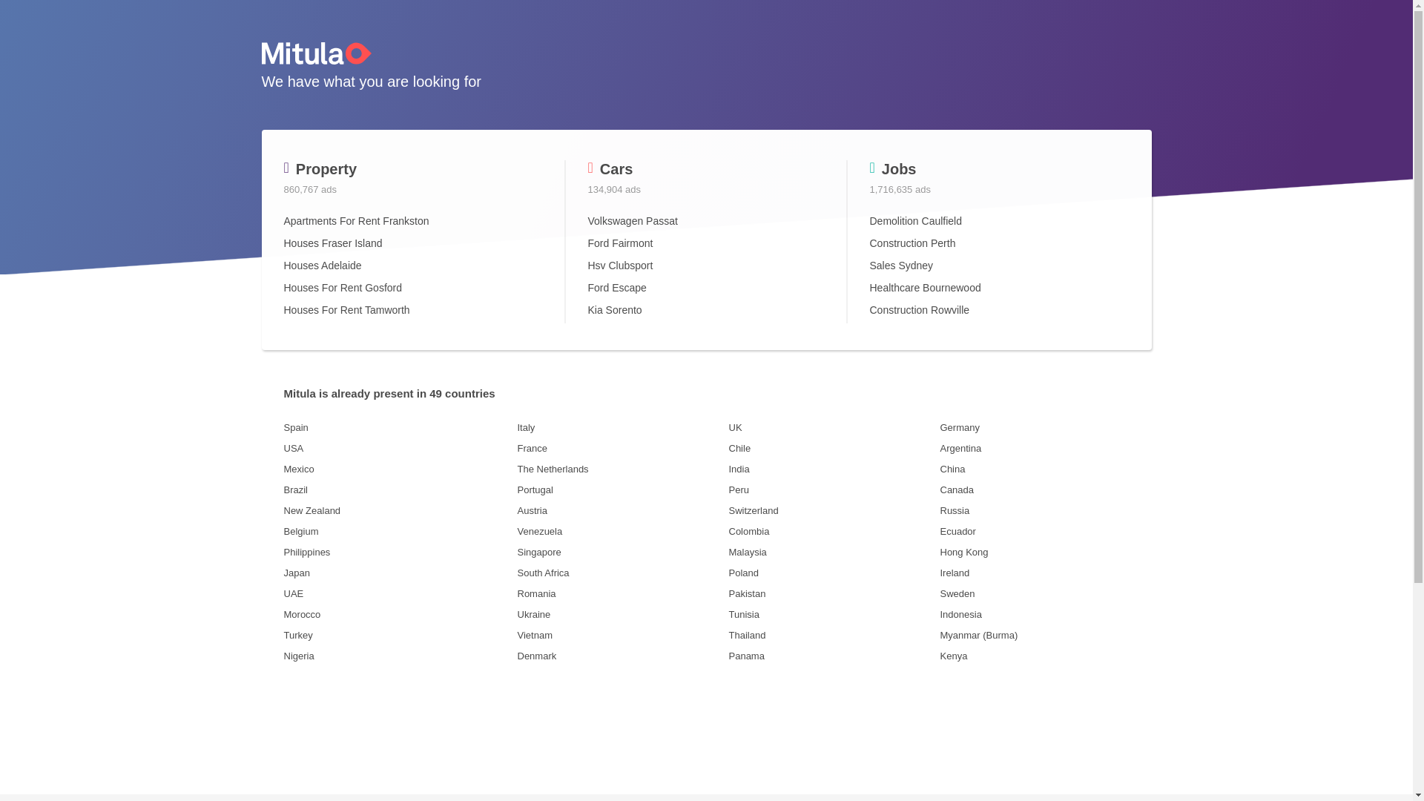 The height and width of the screenshot is (801, 1424). I want to click on 'Panama', so click(728, 655).